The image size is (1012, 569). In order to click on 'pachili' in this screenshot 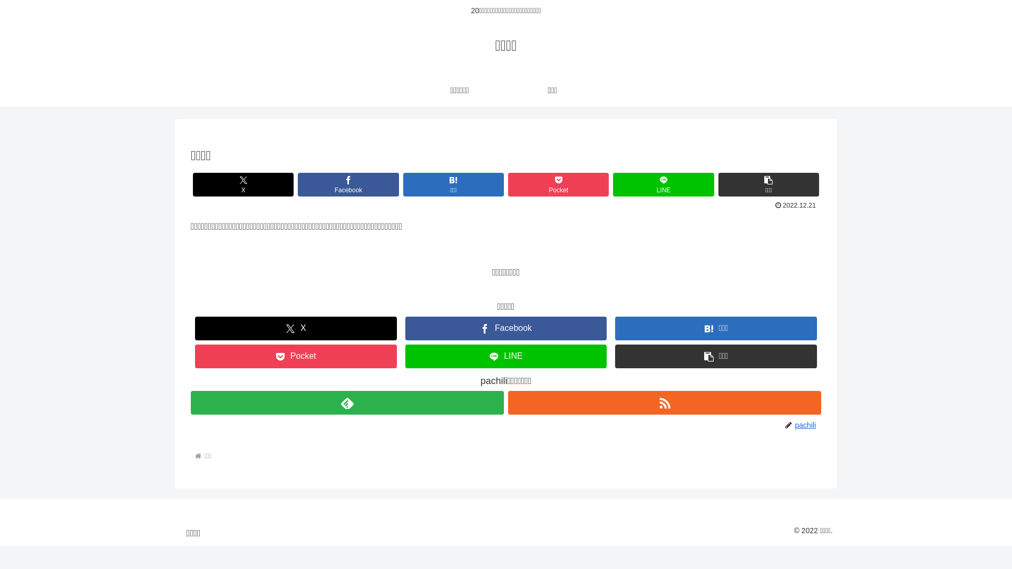, I will do `click(806, 424)`.